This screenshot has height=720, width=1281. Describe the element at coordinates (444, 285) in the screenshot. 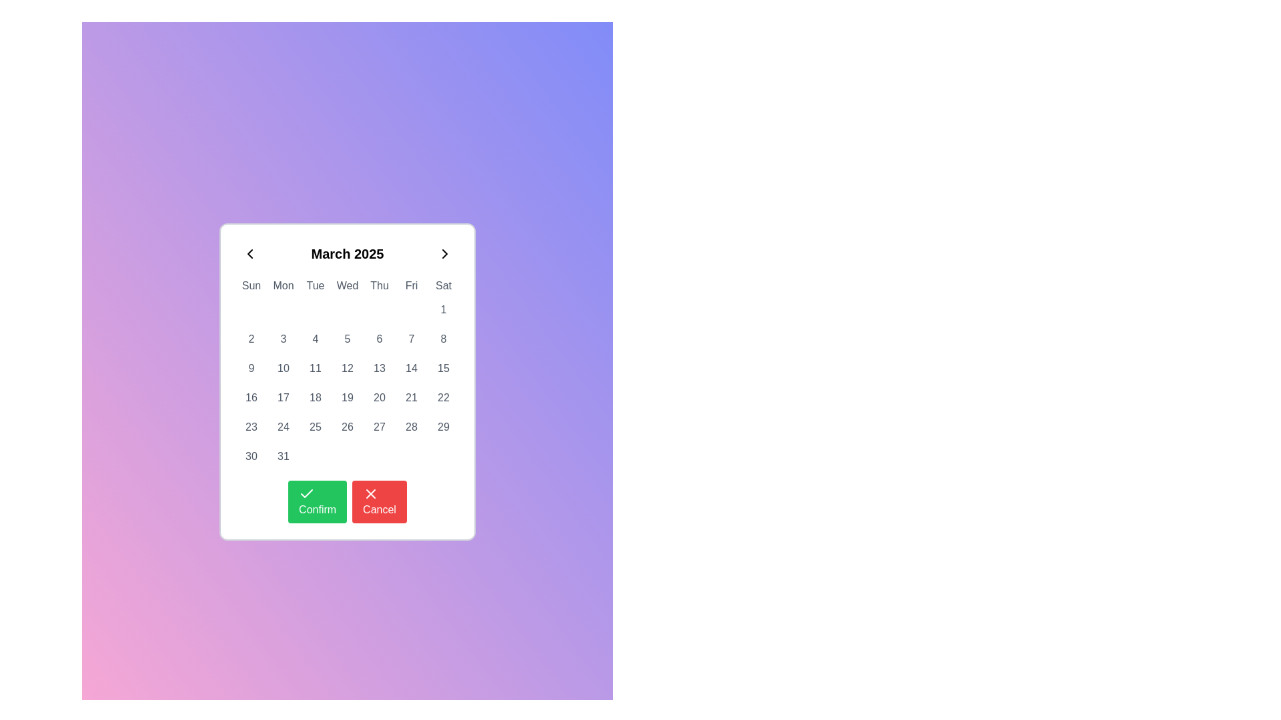

I see `the text label displaying 'Sat', which is the rightmost element in the horizontal sequence of day names above the date grid in the calendar interface` at that location.